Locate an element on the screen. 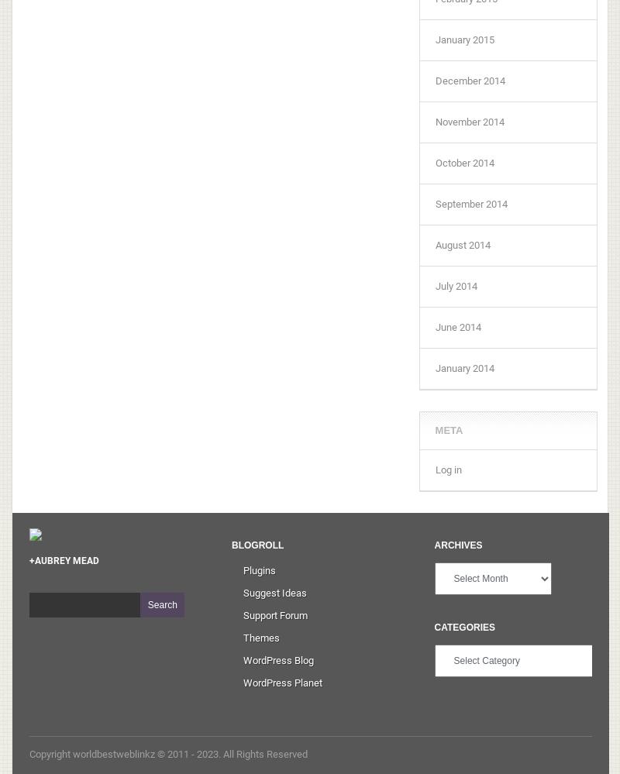 This screenshot has width=620, height=774. 'Suggest Ideas' is located at coordinates (243, 591).